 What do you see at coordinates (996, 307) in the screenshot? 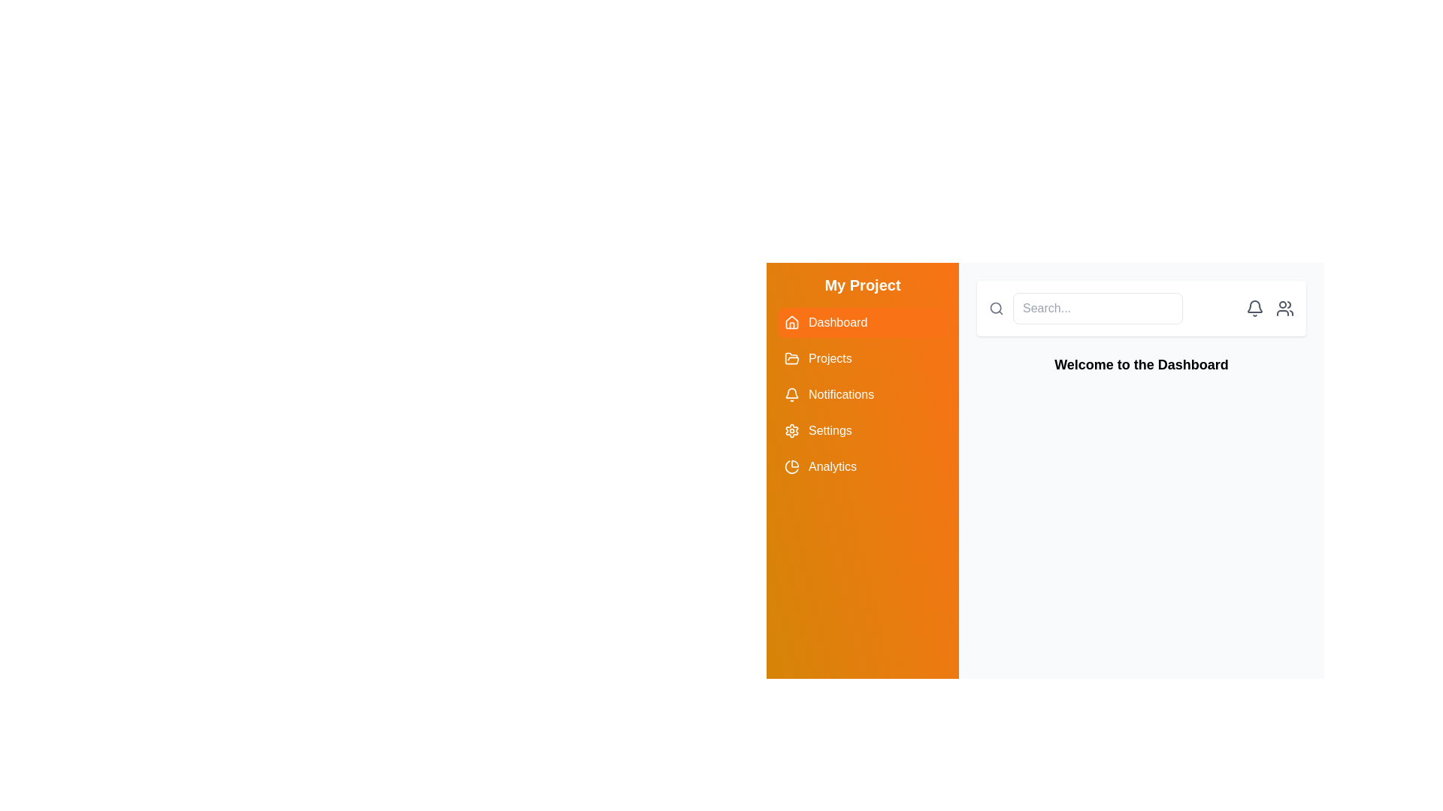
I see `the circular part of the magnifying glass icon located in the top-right section of the interface, which signifies the search functionality` at bounding box center [996, 307].